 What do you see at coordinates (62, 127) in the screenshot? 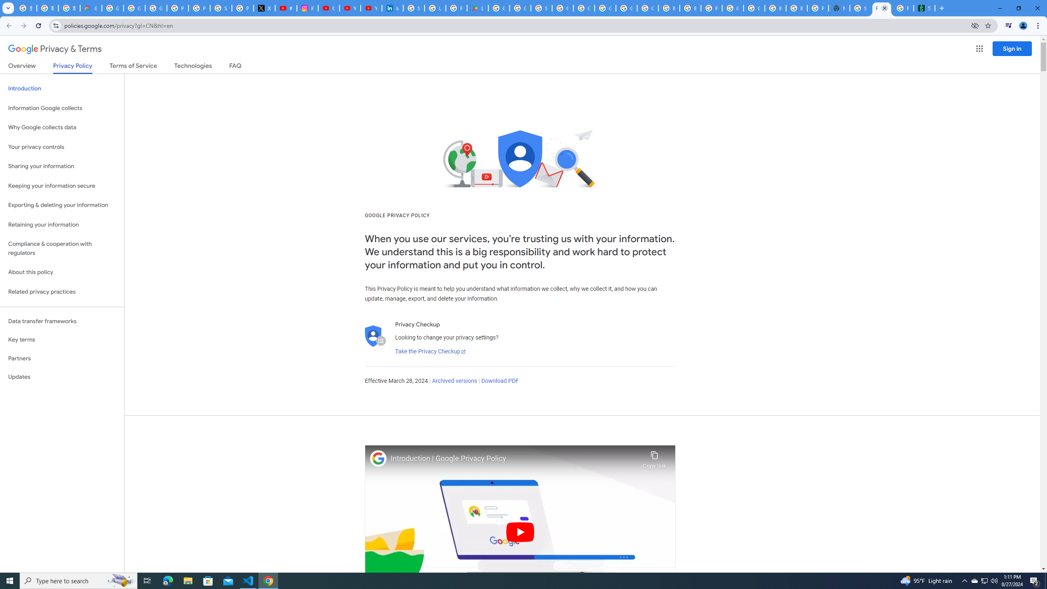
I see `'Why Google collects data'` at bounding box center [62, 127].